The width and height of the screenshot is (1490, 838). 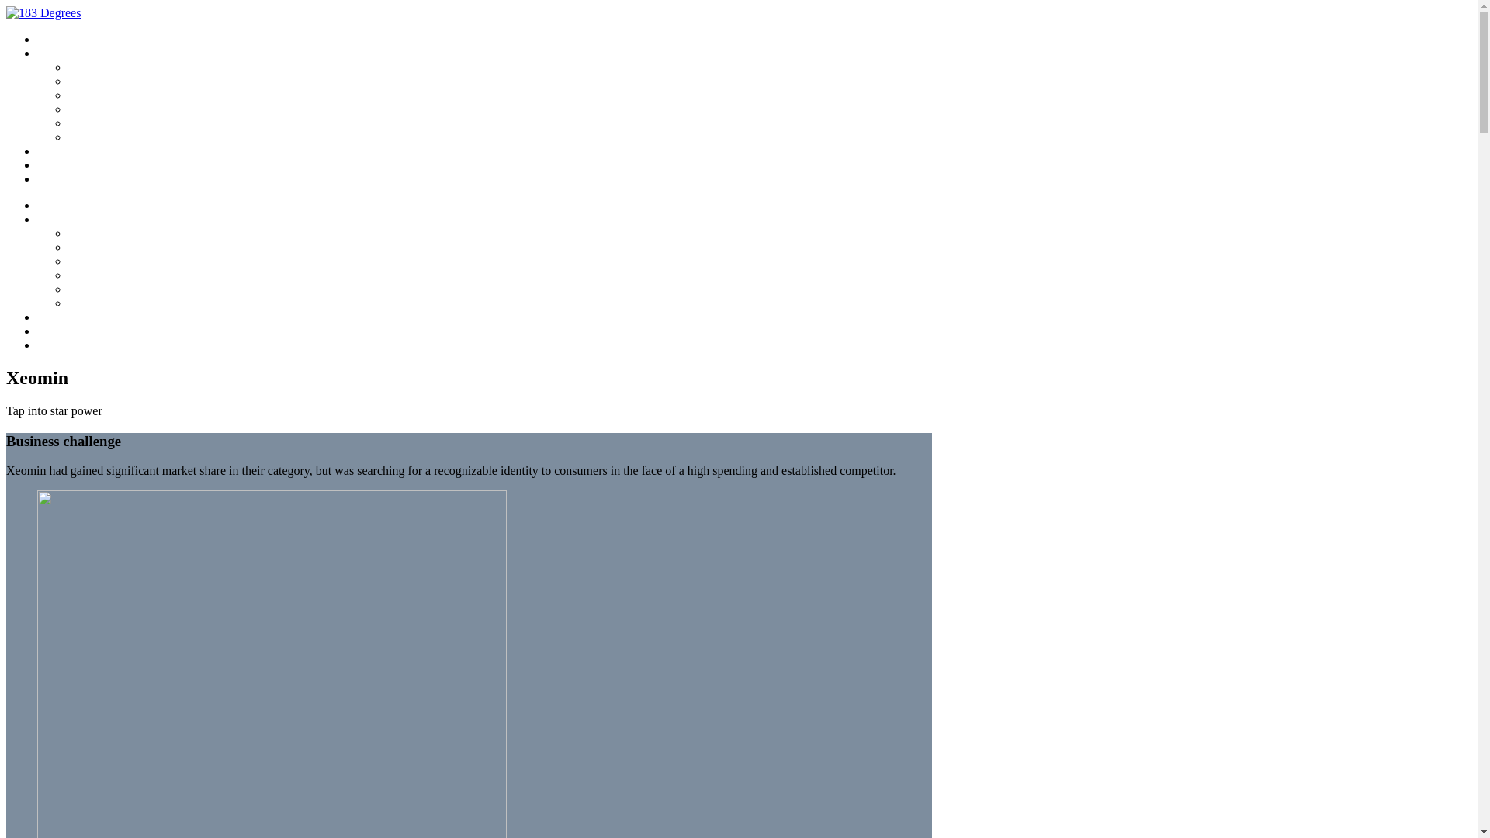 I want to click on 'Xeomin', so click(x=85, y=303).